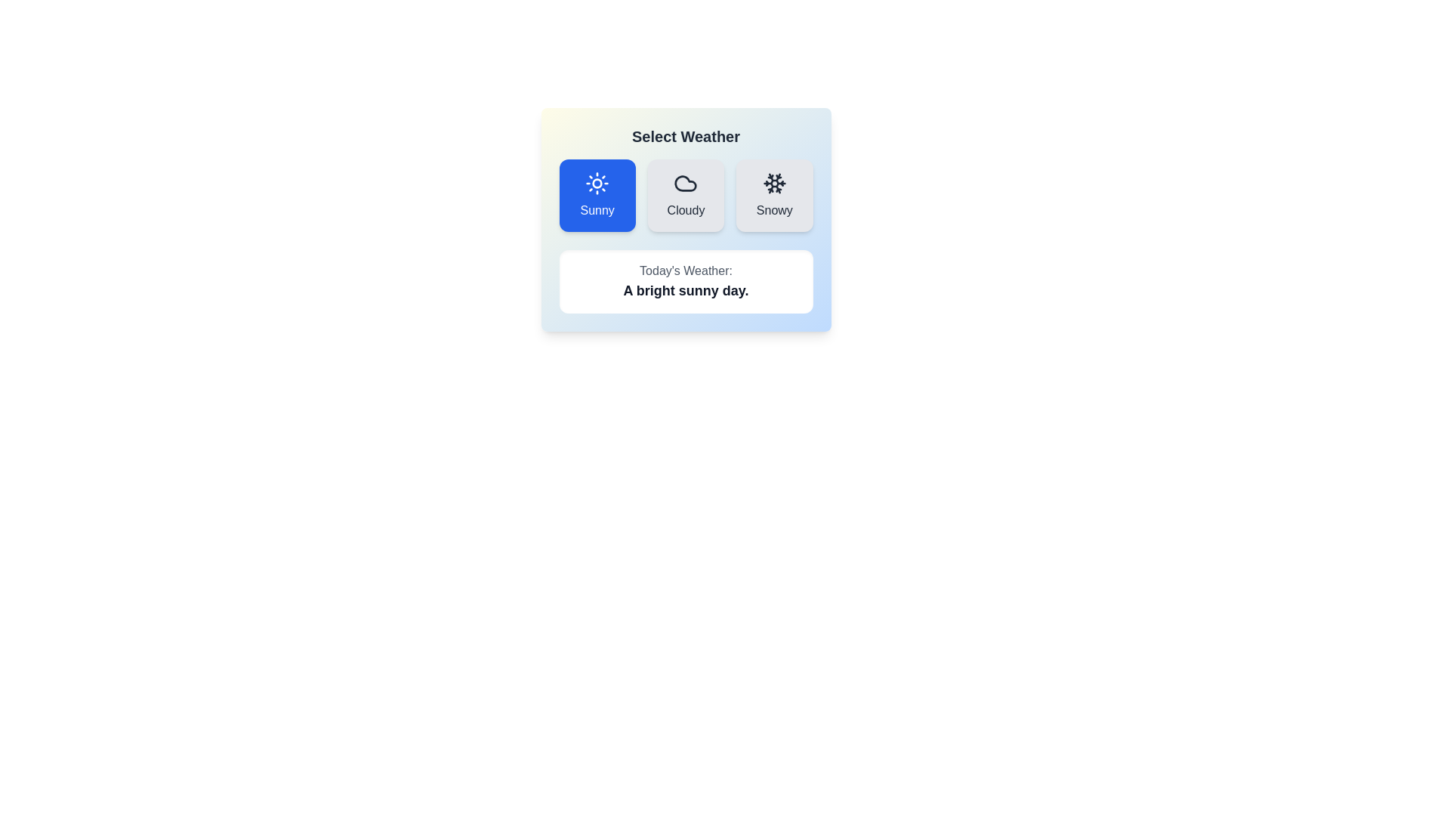 This screenshot has height=816, width=1450. What do you see at coordinates (774, 194) in the screenshot?
I see `the button corresponding to Snowy to select the desired weather` at bounding box center [774, 194].